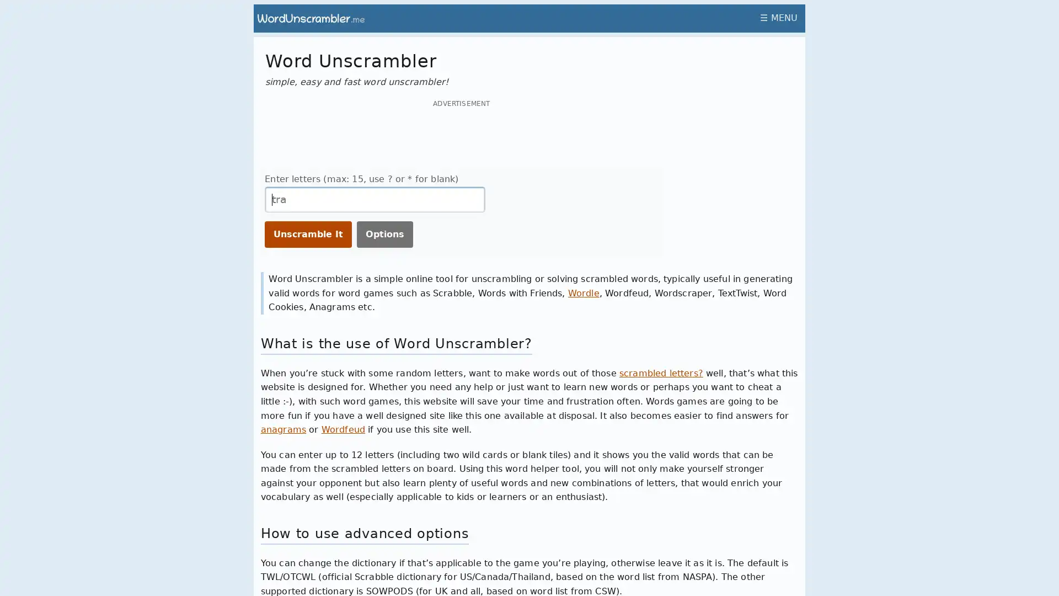 The image size is (1059, 596). Describe the element at coordinates (384, 233) in the screenshot. I see `Options` at that location.